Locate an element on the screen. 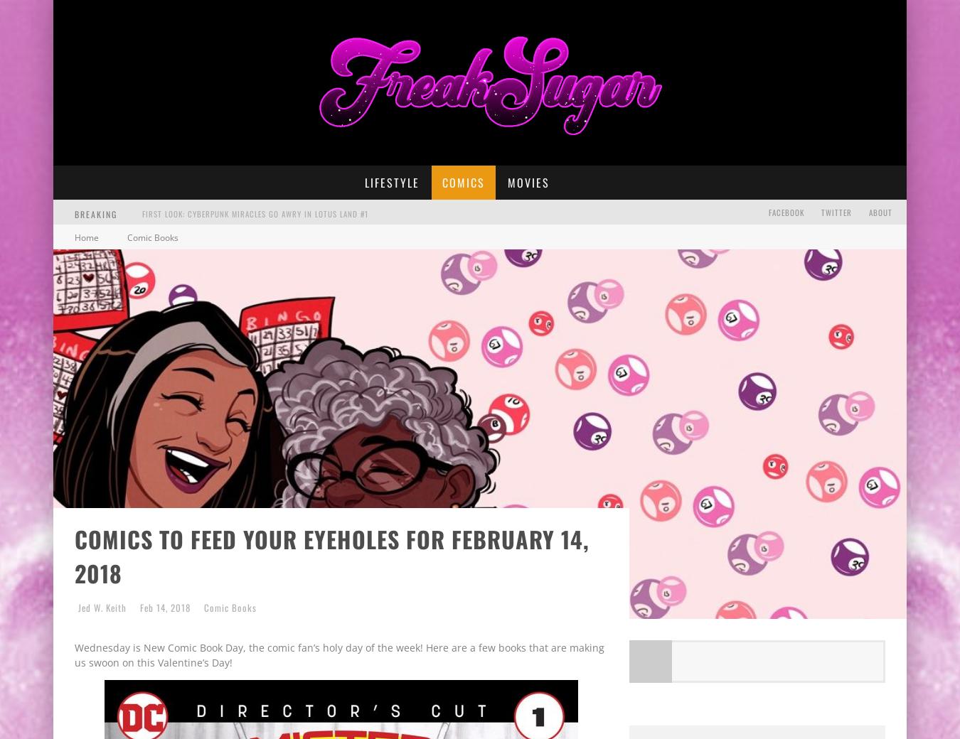  'Tom Scioli Launches a Kickstarter for the Horror-Themed Hero WITCHMAN' is located at coordinates (289, 268).